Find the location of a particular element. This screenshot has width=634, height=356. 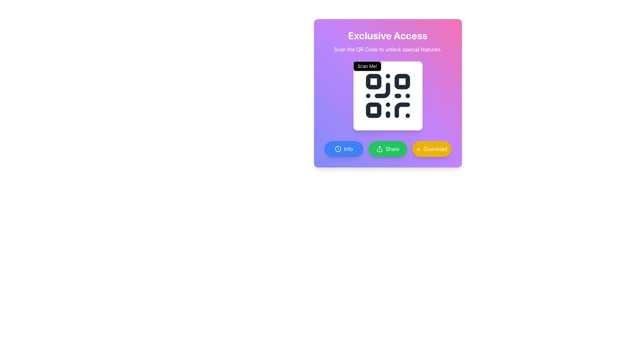

the share button located in the second column of a three-column grid below the QR code is located at coordinates (388, 149).